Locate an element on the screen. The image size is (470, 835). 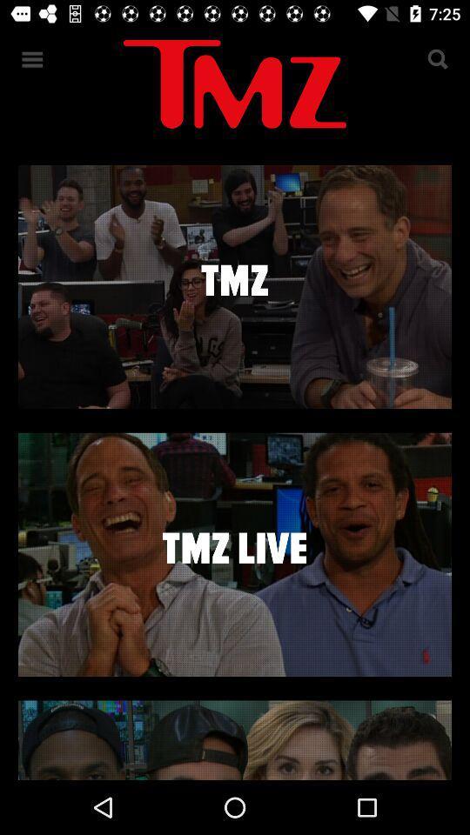
logo is located at coordinates (235, 87).